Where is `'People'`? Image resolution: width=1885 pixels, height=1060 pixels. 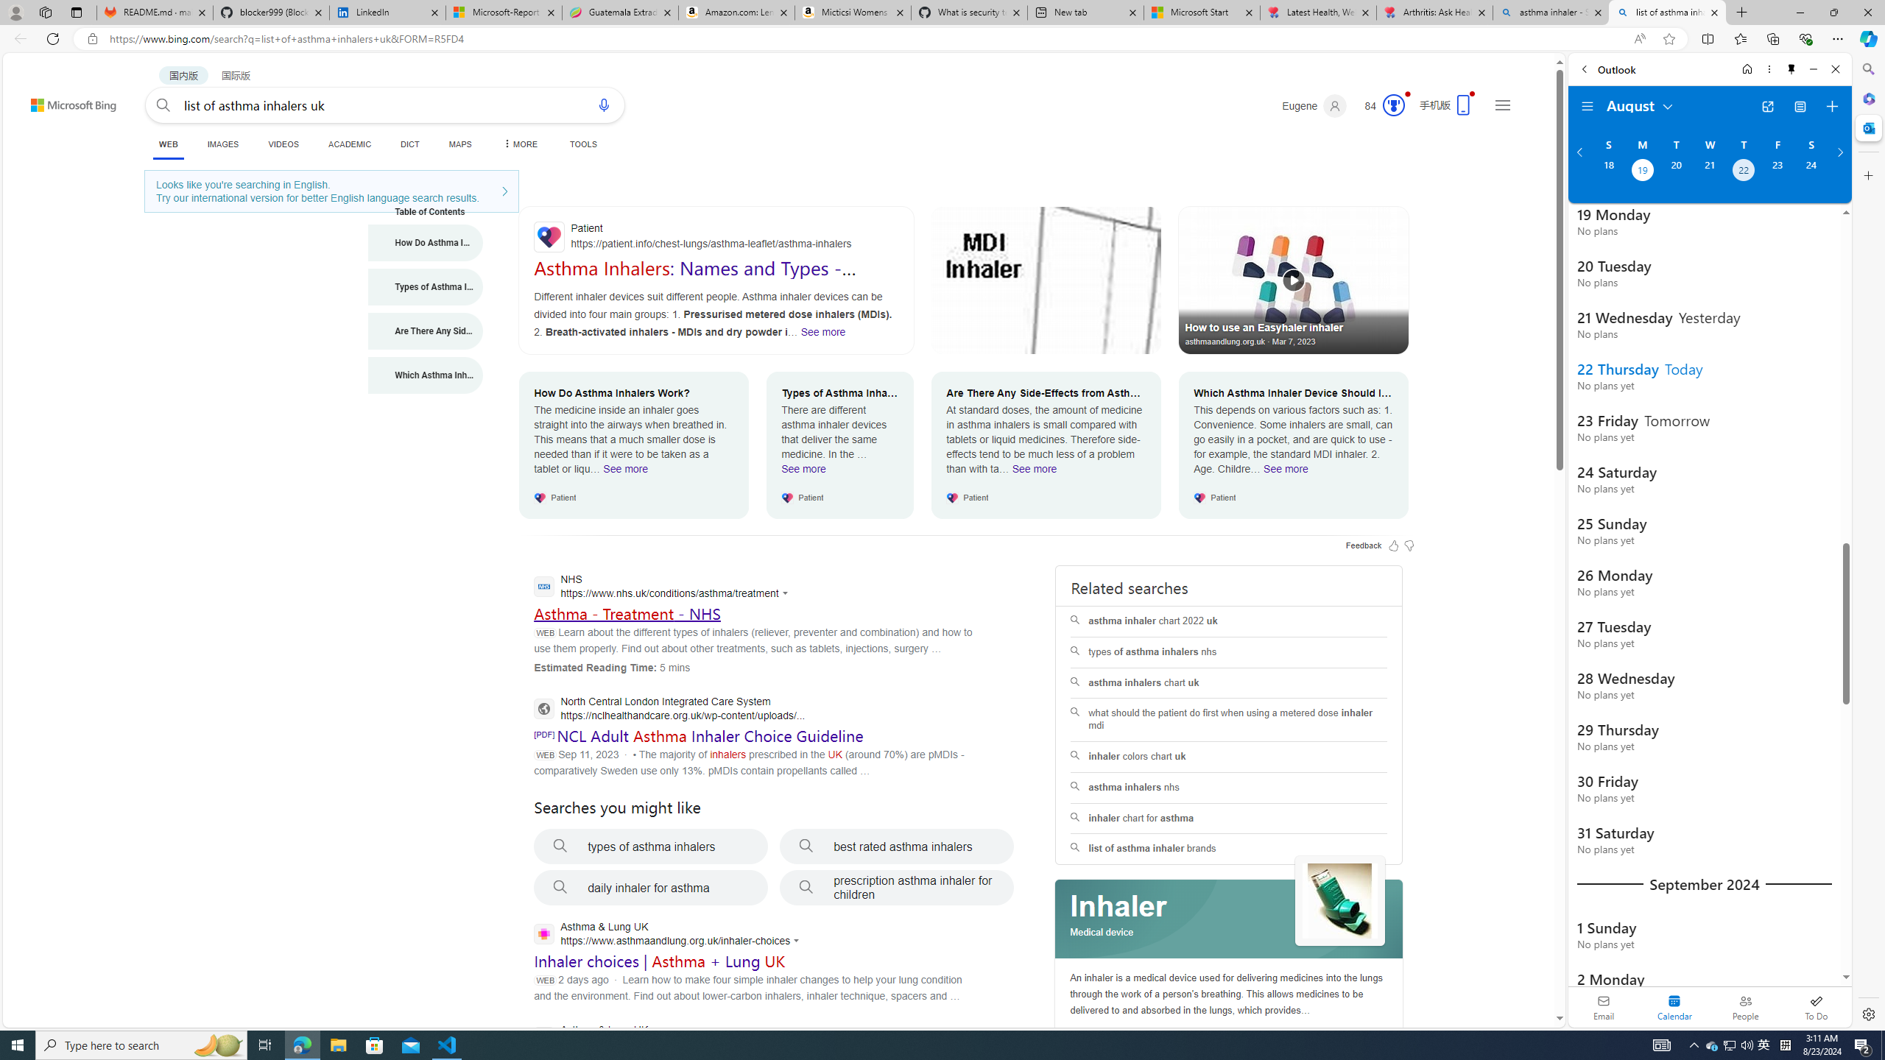 'People' is located at coordinates (1744, 1006).